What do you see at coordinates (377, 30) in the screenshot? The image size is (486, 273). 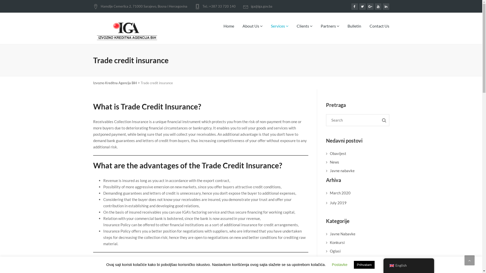 I see `'Contact Us'` at bounding box center [377, 30].